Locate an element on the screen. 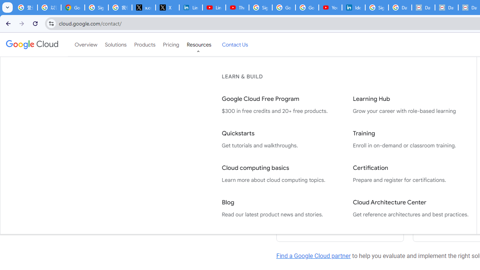 This screenshot has width=480, height=270. 'Resources' is located at coordinates (199, 45).